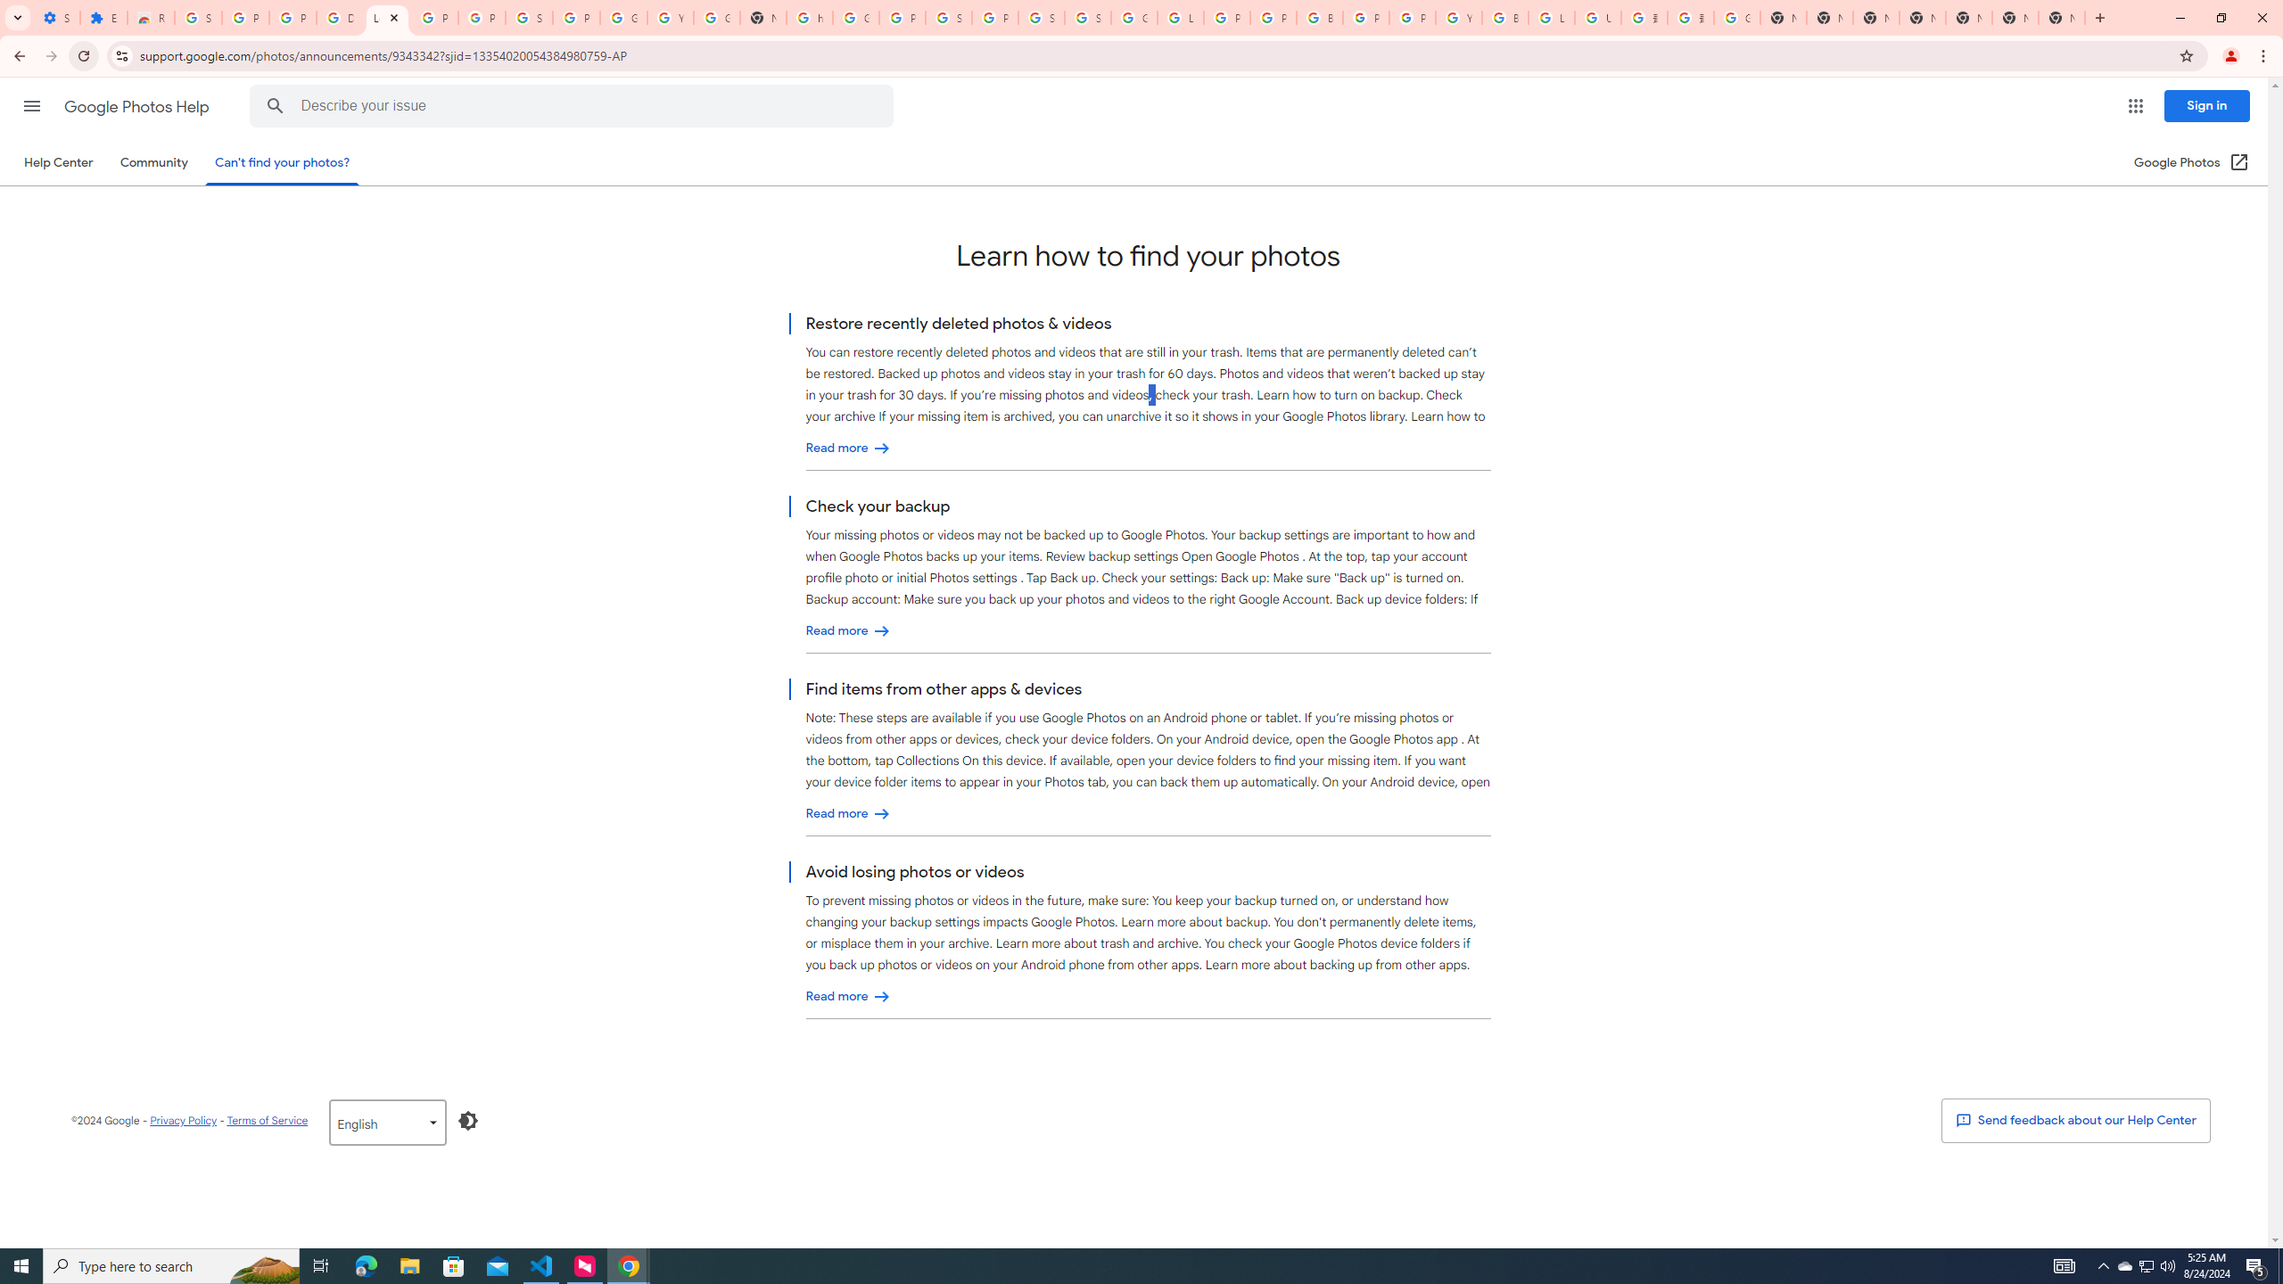  Describe the element at coordinates (149, 17) in the screenshot. I see `'Reviews: Helix Fruit Jump Arcade Game'` at that location.